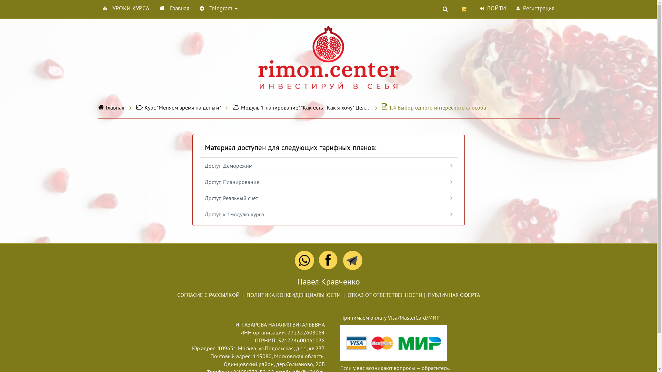 Image resolution: width=662 pixels, height=372 pixels. What do you see at coordinates (218, 8) in the screenshot?
I see `'Telegram'` at bounding box center [218, 8].